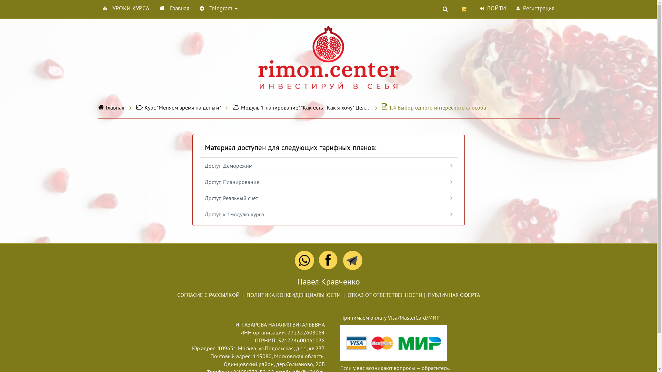 Image resolution: width=662 pixels, height=372 pixels. What do you see at coordinates (218, 8) in the screenshot?
I see `'Telegram'` at bounding box center [218, 8].